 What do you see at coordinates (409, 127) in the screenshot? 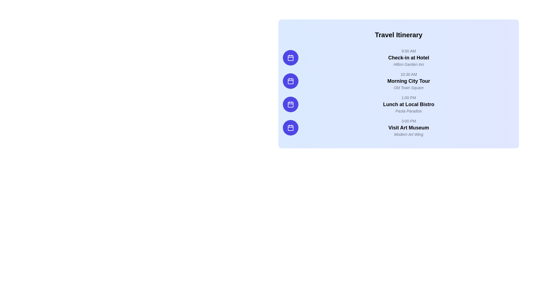
I see `event details from the text block displaying '3:00 PM', 'Visit Art Museum', and 'Modern Art Wing' located in the right section of the itinerary interface` at bounding box center [409, 127].